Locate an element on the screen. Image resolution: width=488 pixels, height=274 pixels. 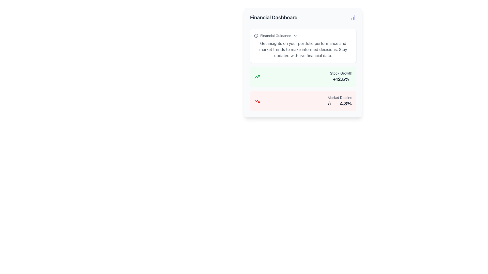
the Text Display that shows 'Stock Growth' and '+12.5%' within a green background, located in the upper section of the card, to the right of the green up-arrow icon is located at coordinates (341, 77).